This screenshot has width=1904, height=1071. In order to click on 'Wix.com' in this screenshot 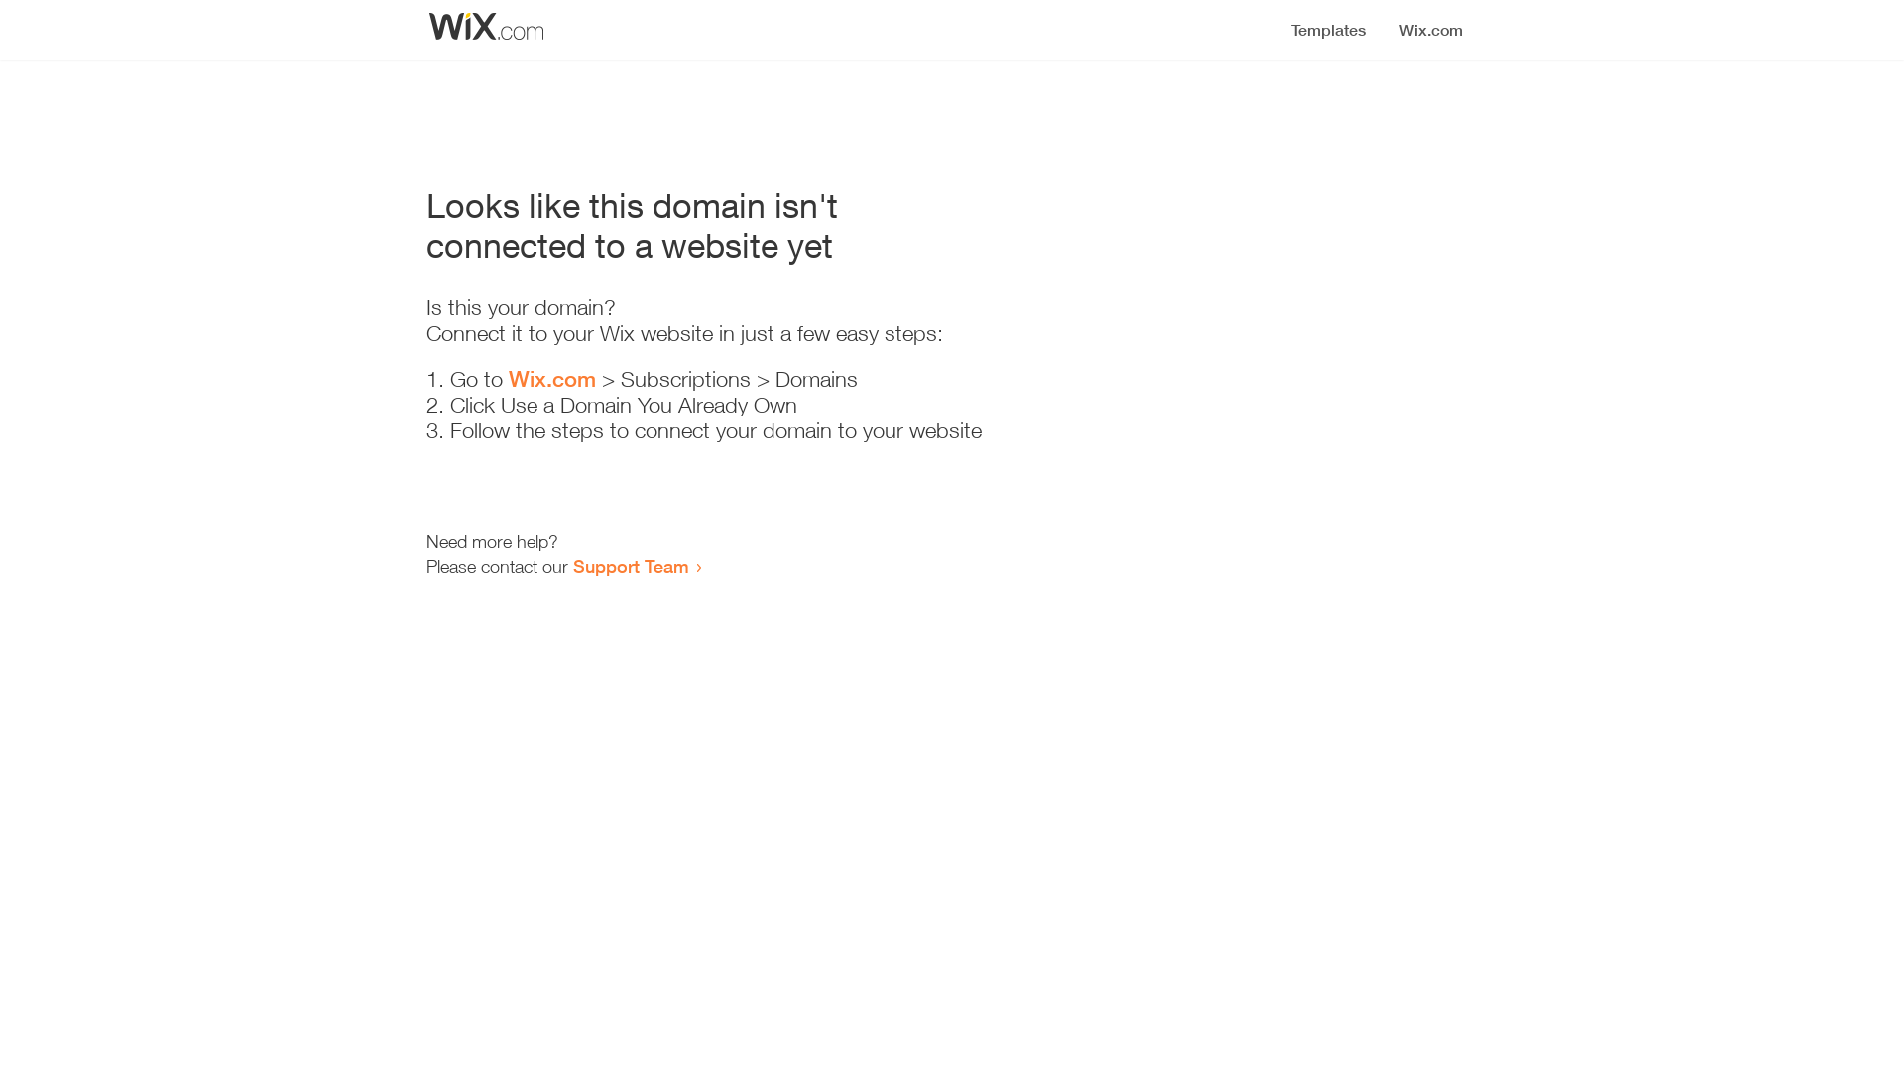, I will do `click(551, 378)`.